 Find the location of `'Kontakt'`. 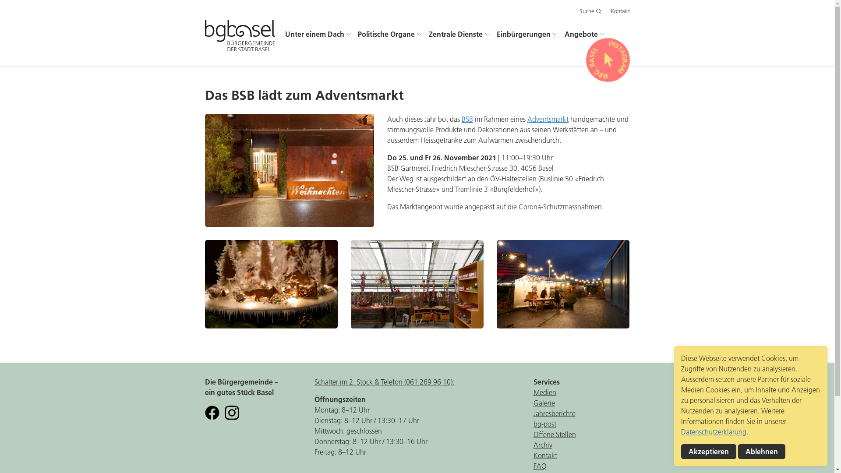

'Kontakt' is located at coordinates (544, 455).